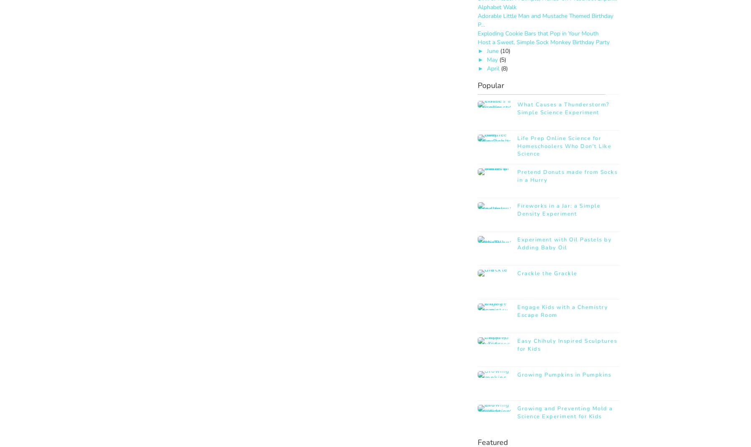 The width and height of the screenshot is (751, 447). I want to click on 'June', so click(493, 51).